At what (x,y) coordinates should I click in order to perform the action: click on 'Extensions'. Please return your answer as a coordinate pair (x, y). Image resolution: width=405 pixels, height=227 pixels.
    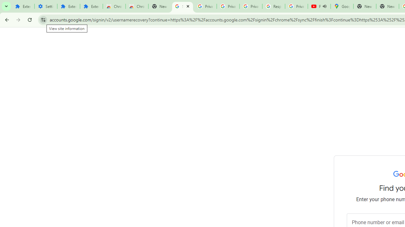
    Looking at the image, I should click on (68, 6).